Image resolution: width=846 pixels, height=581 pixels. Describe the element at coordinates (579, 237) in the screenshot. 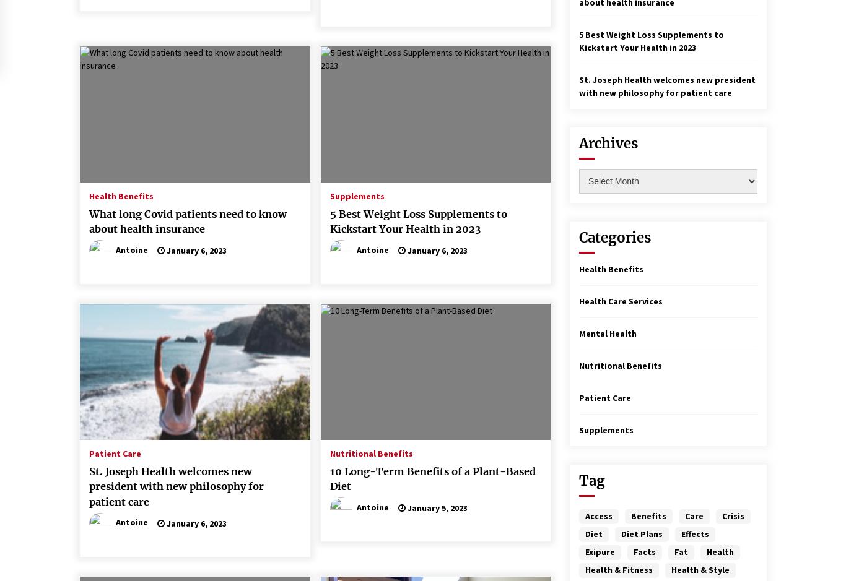

I see `'Categories'` at that location.